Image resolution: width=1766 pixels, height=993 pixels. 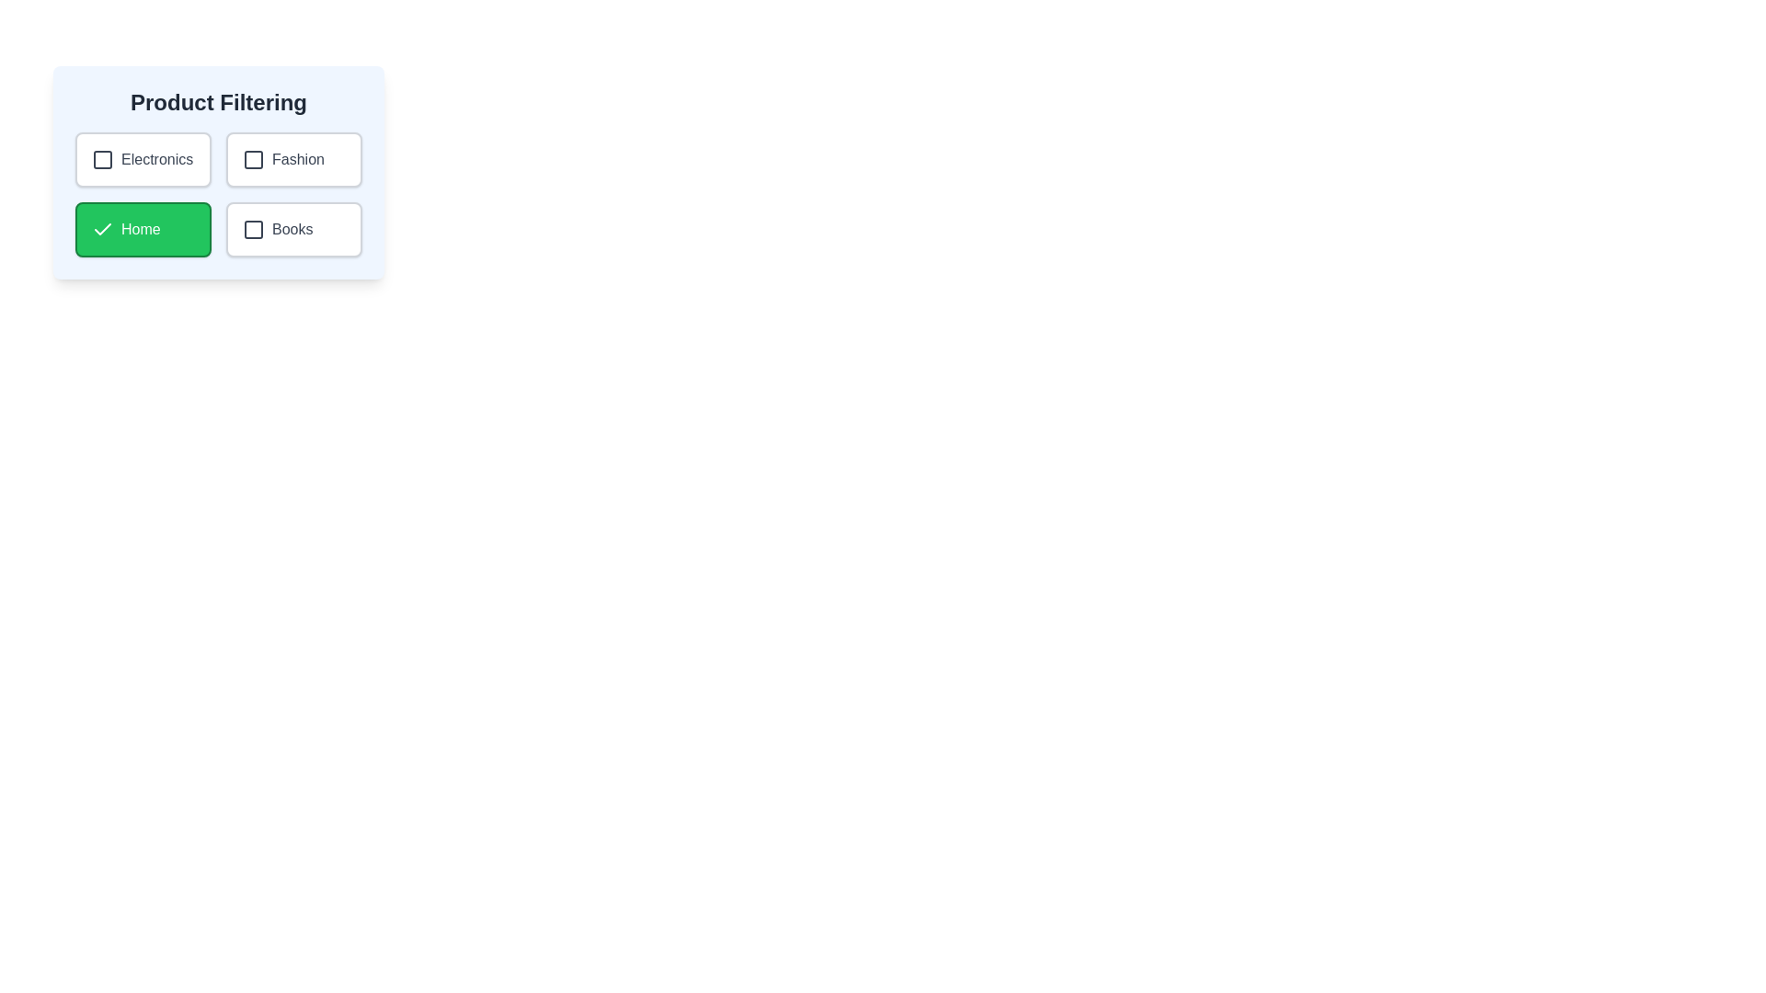 I want to click on the text 'Home' to select it, so click(x=143, y=229).